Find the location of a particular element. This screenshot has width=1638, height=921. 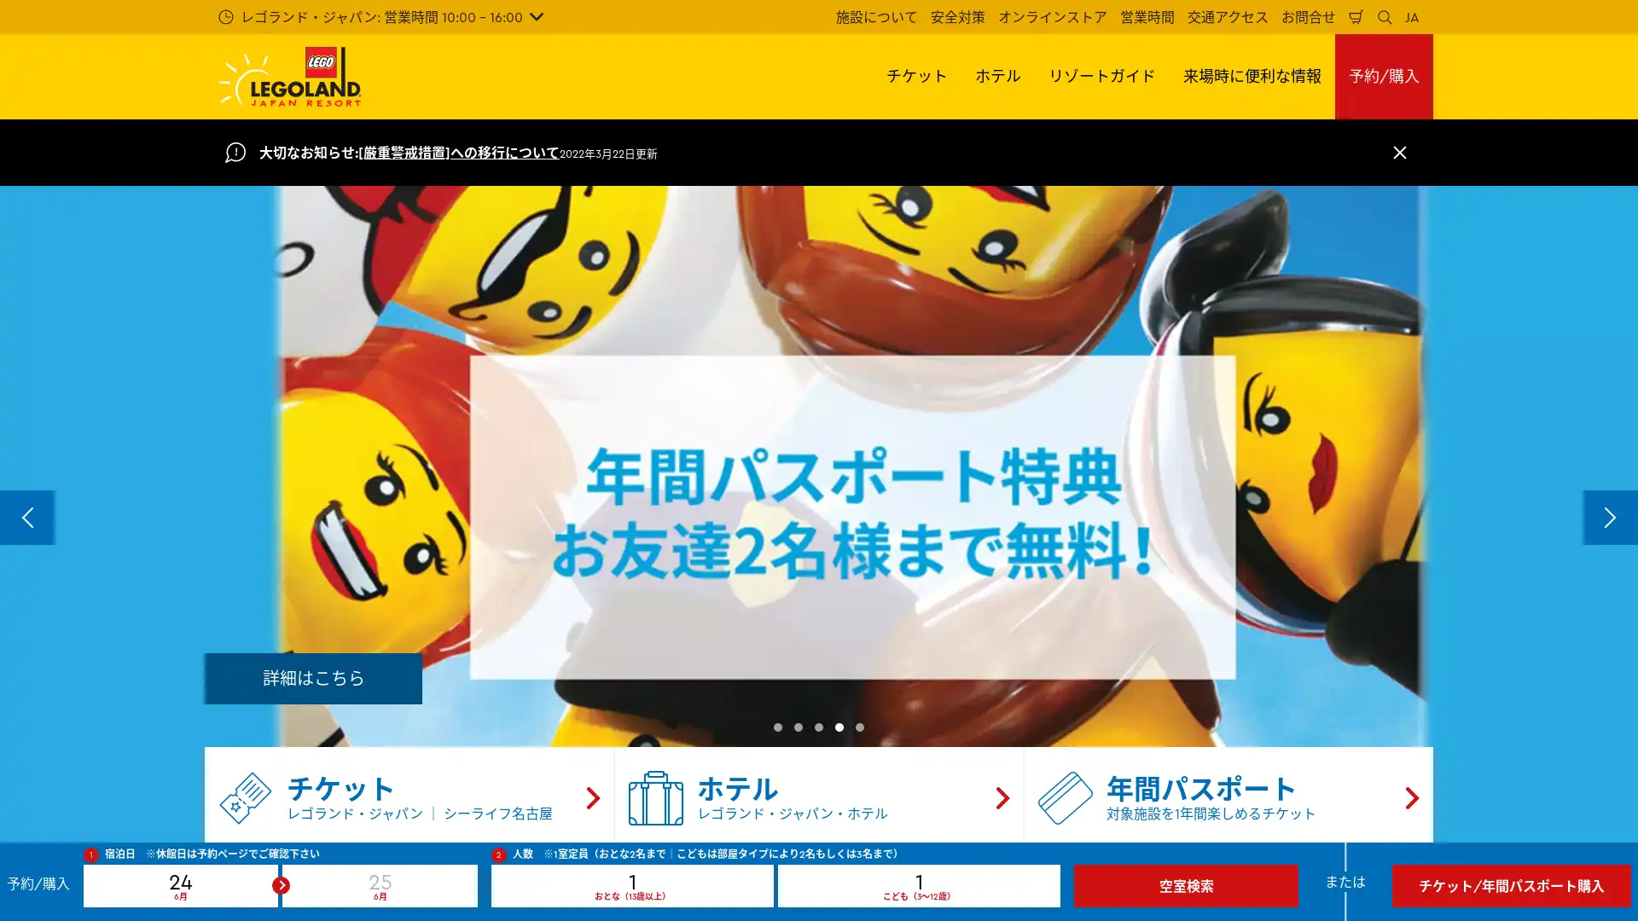

Number of children is located at coordinates (918, 884).